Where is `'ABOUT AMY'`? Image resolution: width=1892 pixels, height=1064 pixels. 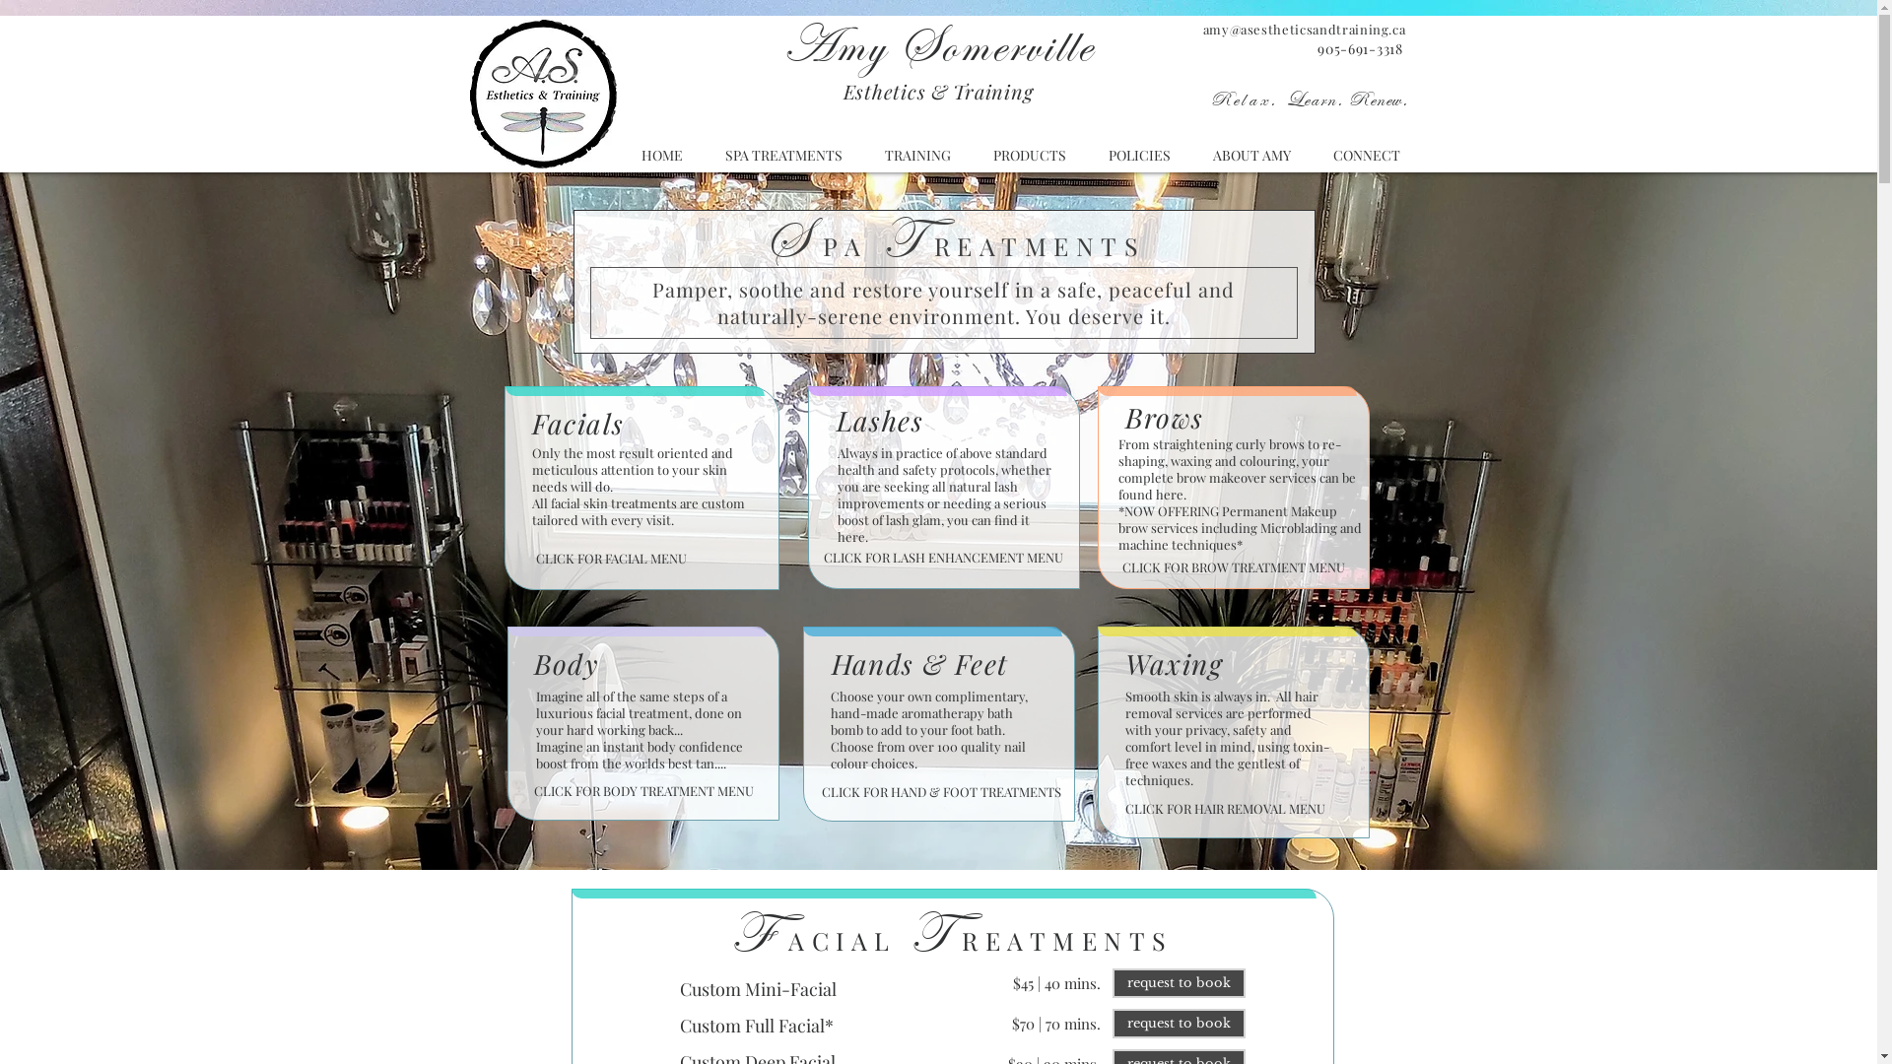
'ABOUT AMY' is located at coordinates (1251, 154).